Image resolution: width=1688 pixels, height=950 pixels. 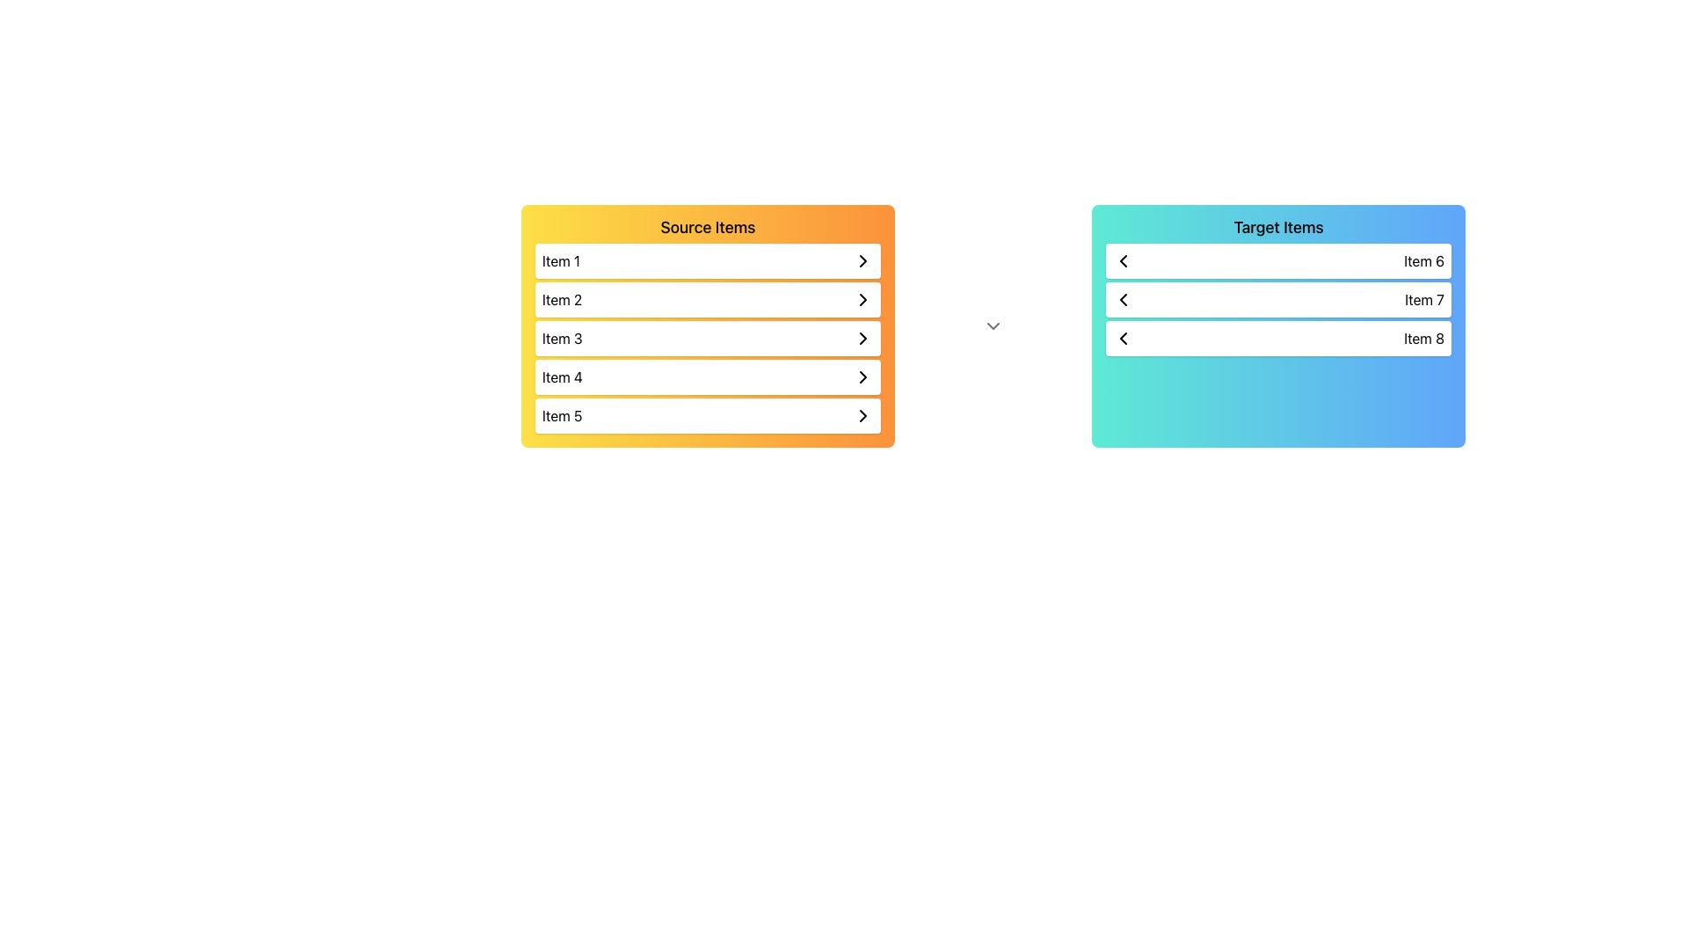 What do you see at coordinates (1122, 339) in the screenshot?
I see `the Chevron icon located in the third row of the 'Target Items' panel, to the left of 'Item 8'` at bounding box center [1122, 339].